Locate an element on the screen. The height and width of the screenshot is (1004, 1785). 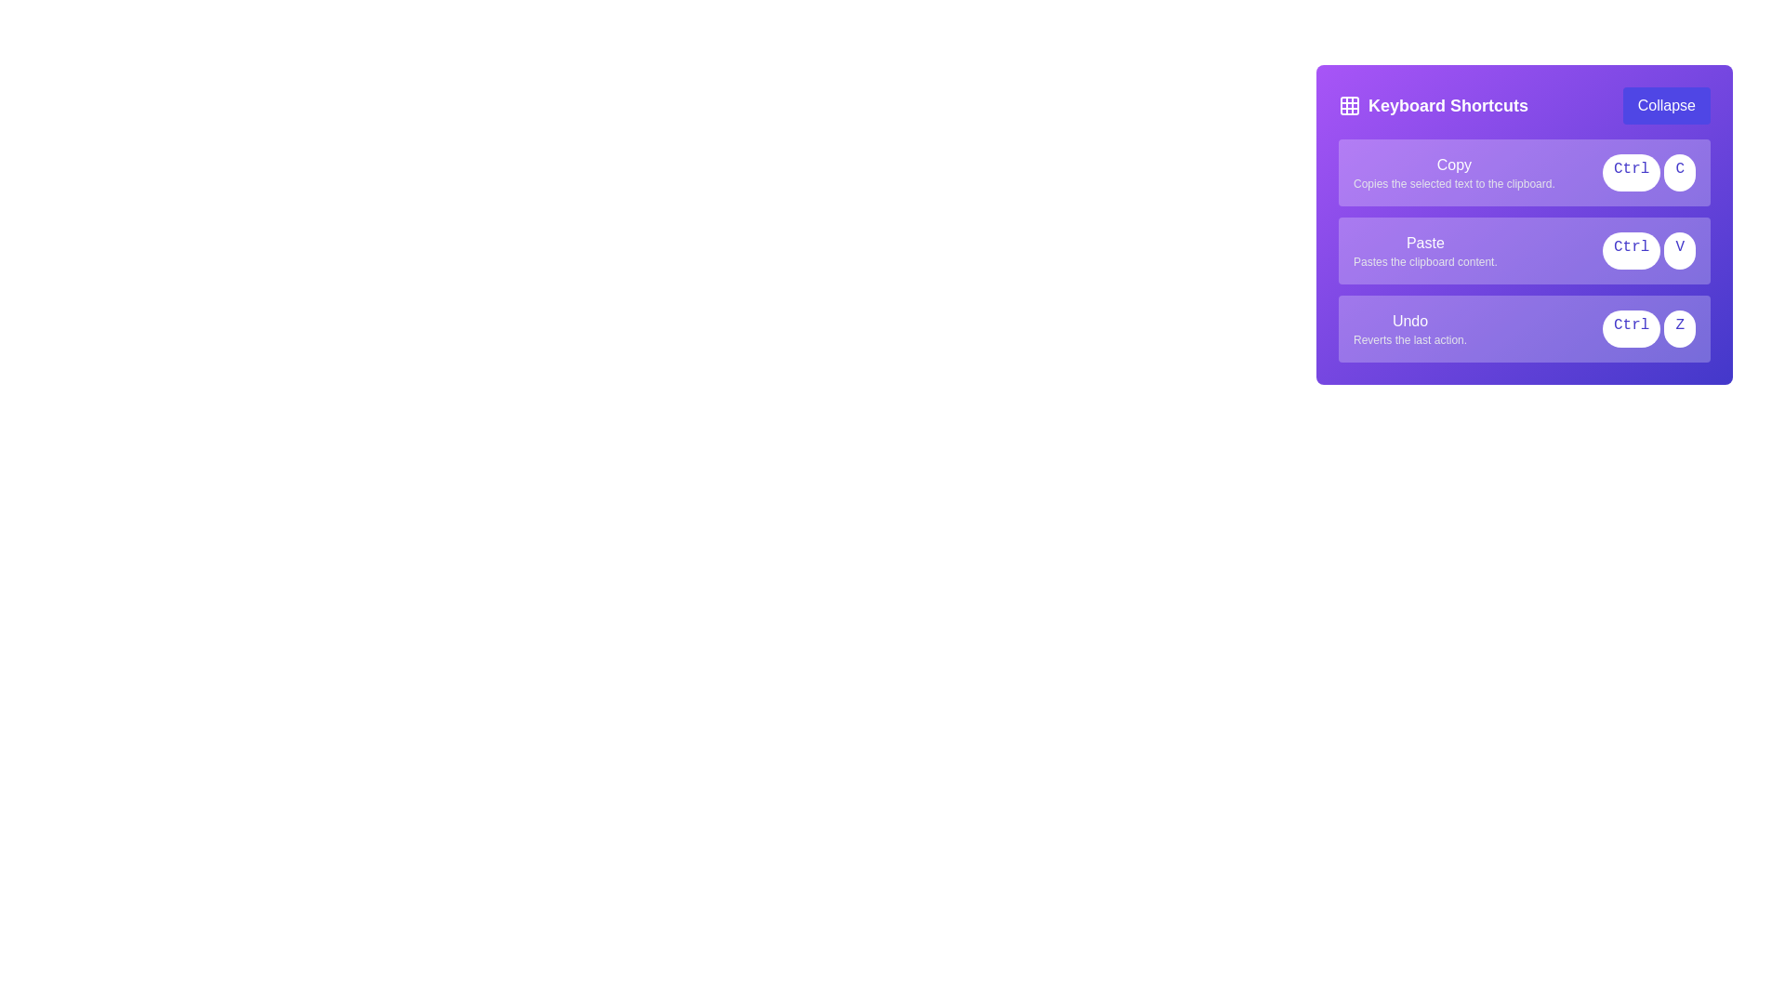
the 'Ctrl' key visual representation located in the center of the purple 'Paste' area, which is part of a keyboard shortcuts list is located at coordinates (1631, 251).